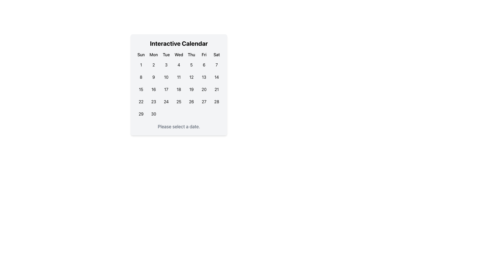  What do you see at coordinates (191, 89) in the screenshot?
I see `the interactive text label displaying the number '19'` at bounding box center [191, 89].